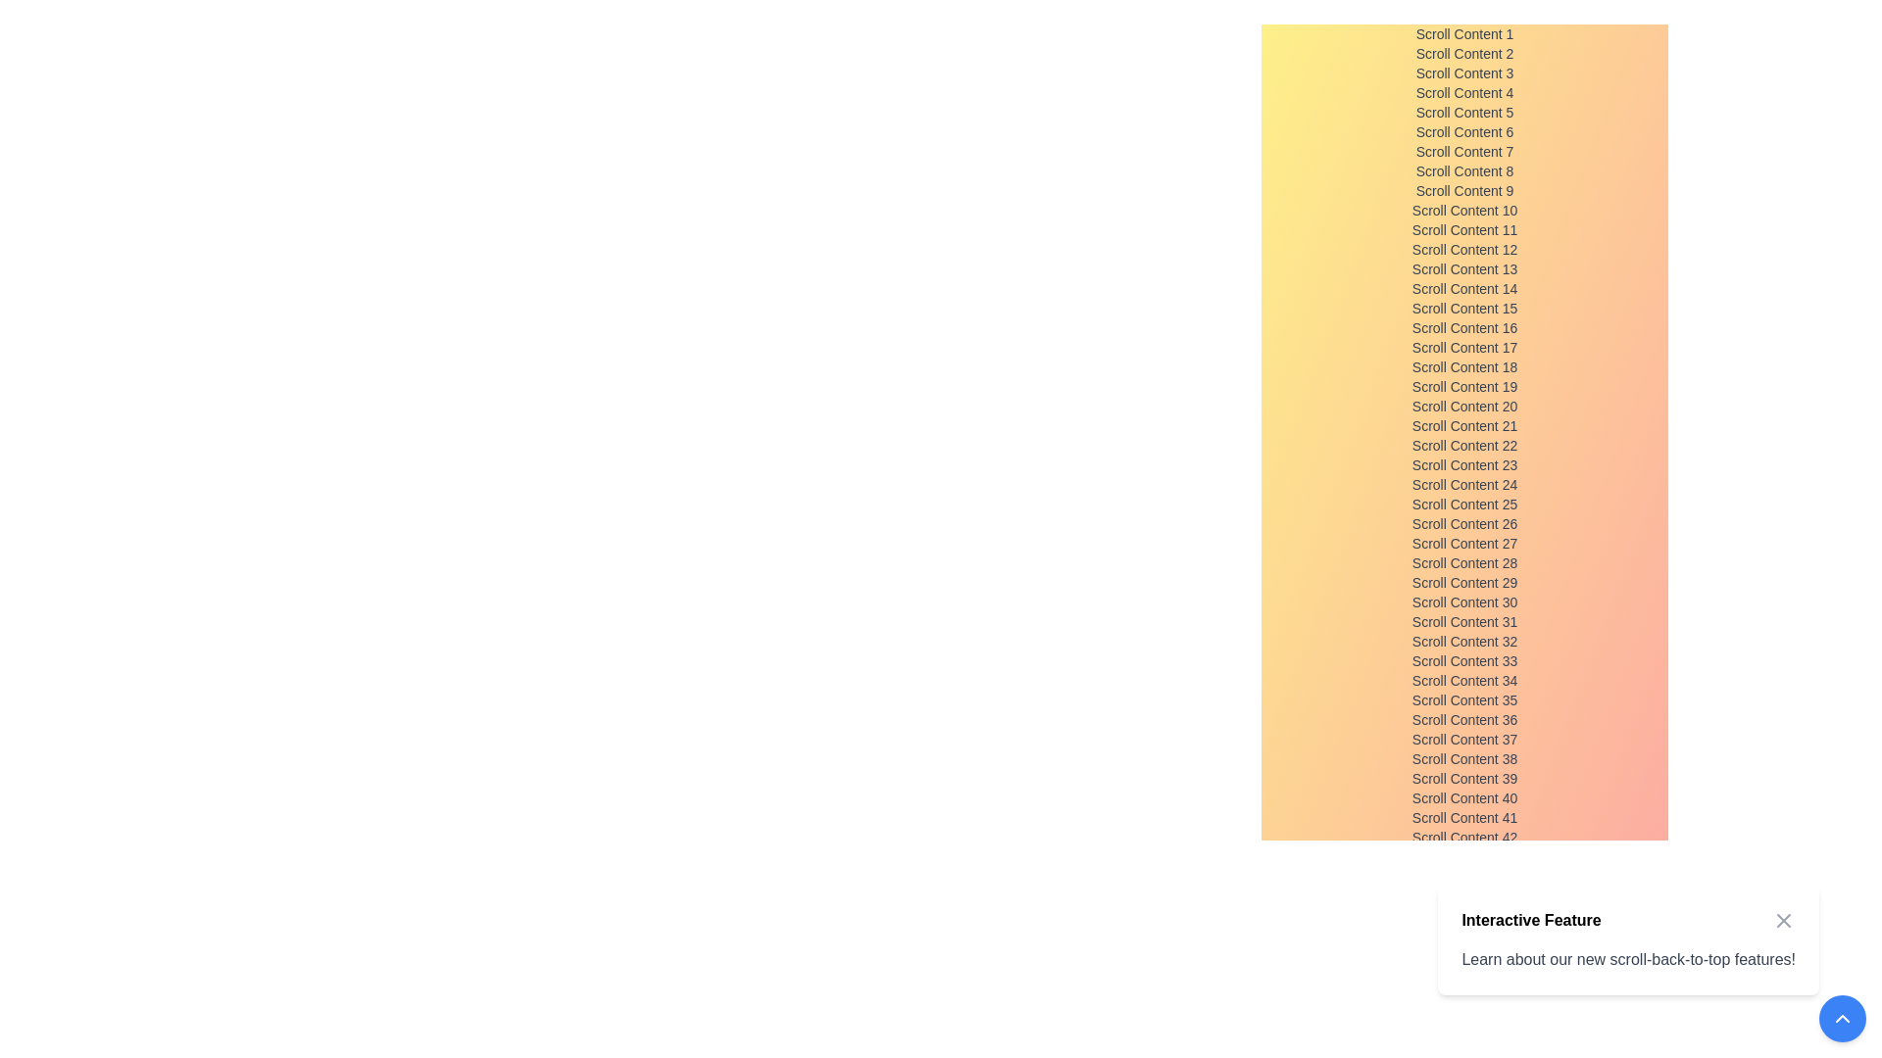 The image size is (1882, 1058). What do you see at coordinates (1464, 544) in the screenshot?
I see `the text label reading 'Scroll Content 27', which is styled in dark gray and positioned in a vertical list at the 27th position` at bounding box center [1464, 544].